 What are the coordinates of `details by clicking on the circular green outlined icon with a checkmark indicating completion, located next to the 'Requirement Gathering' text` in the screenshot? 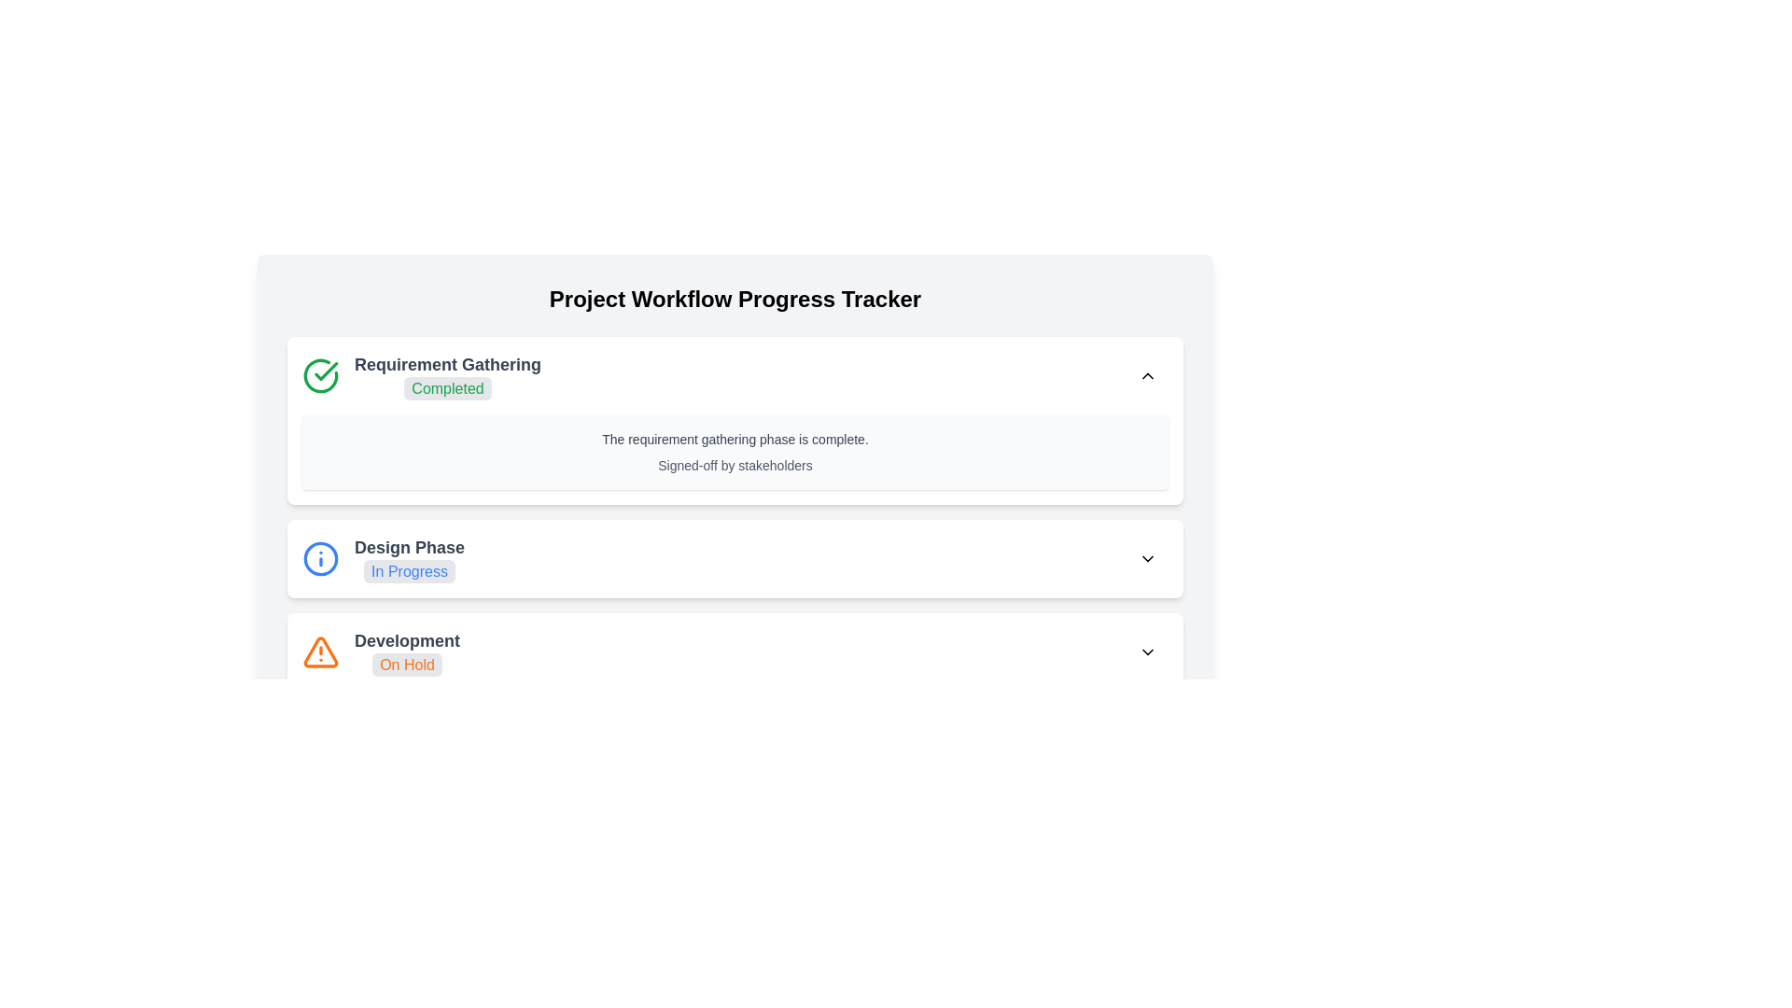 It's located at (321, 375).